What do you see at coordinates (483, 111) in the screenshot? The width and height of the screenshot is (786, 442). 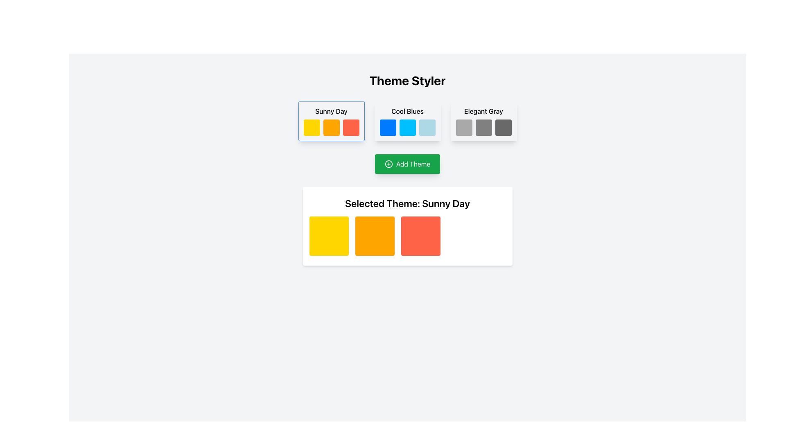 I see `the text label reading 'Elegant Gray', which is styled with medium font weight and positioned above a set of gray color blocks in the theme selector interface` at bounding box center [483, 111].